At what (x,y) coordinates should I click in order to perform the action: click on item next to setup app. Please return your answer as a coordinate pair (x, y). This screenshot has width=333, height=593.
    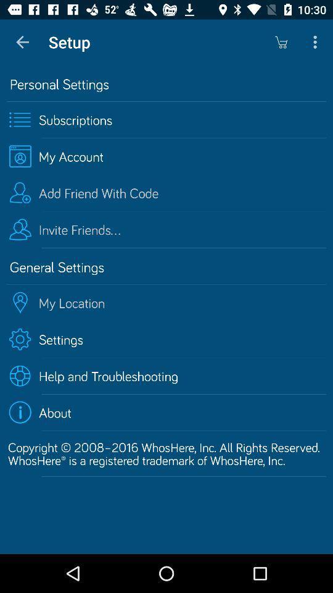
    Looking at the image, I should click on (22, 42).